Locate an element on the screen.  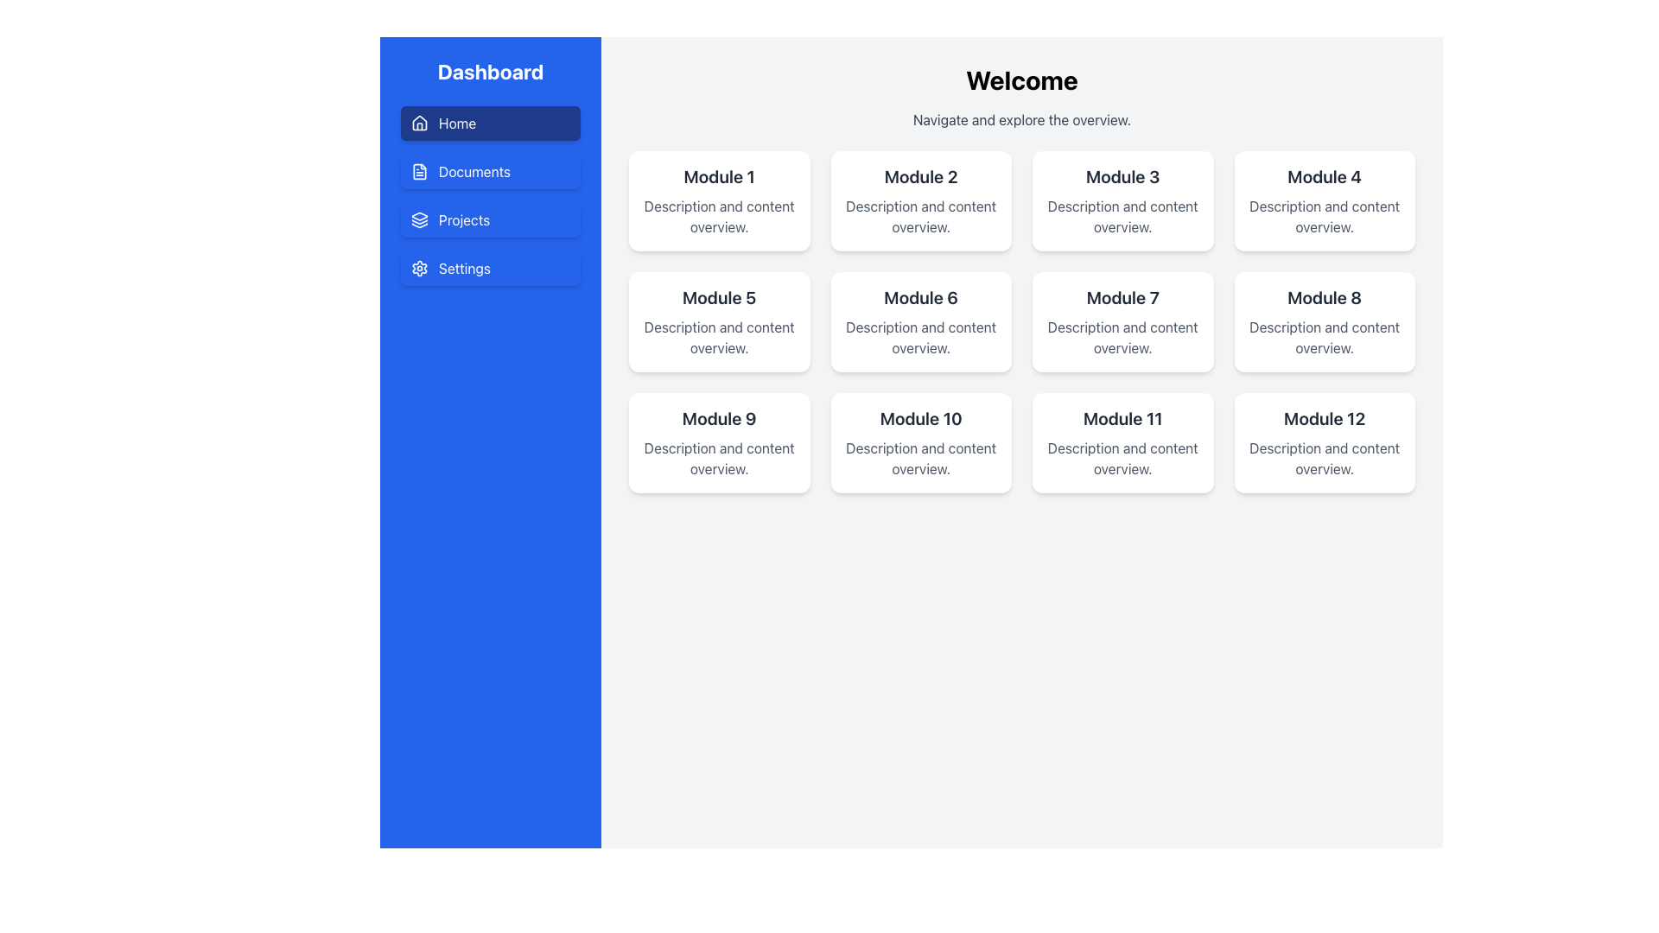
the 'Home' menu option in the vertical navigation bar is located at coordinates (457, 122).